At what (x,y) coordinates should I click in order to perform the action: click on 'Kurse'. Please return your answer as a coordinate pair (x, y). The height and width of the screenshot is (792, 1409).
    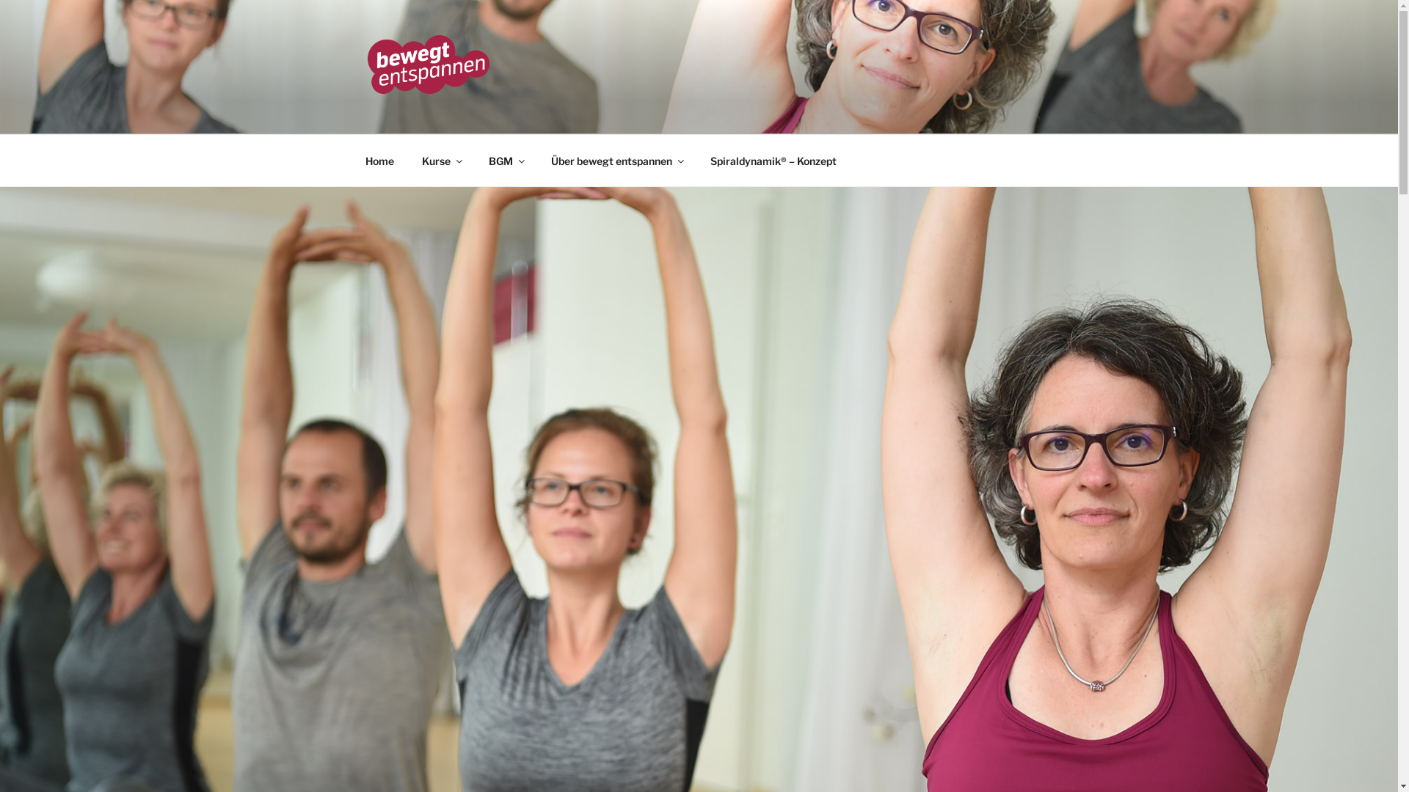
    Looking at the image, I should click on (440, 160).